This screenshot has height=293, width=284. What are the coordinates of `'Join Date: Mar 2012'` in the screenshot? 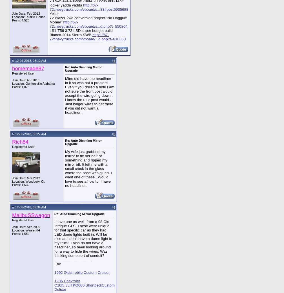 It's located at (26, 178).